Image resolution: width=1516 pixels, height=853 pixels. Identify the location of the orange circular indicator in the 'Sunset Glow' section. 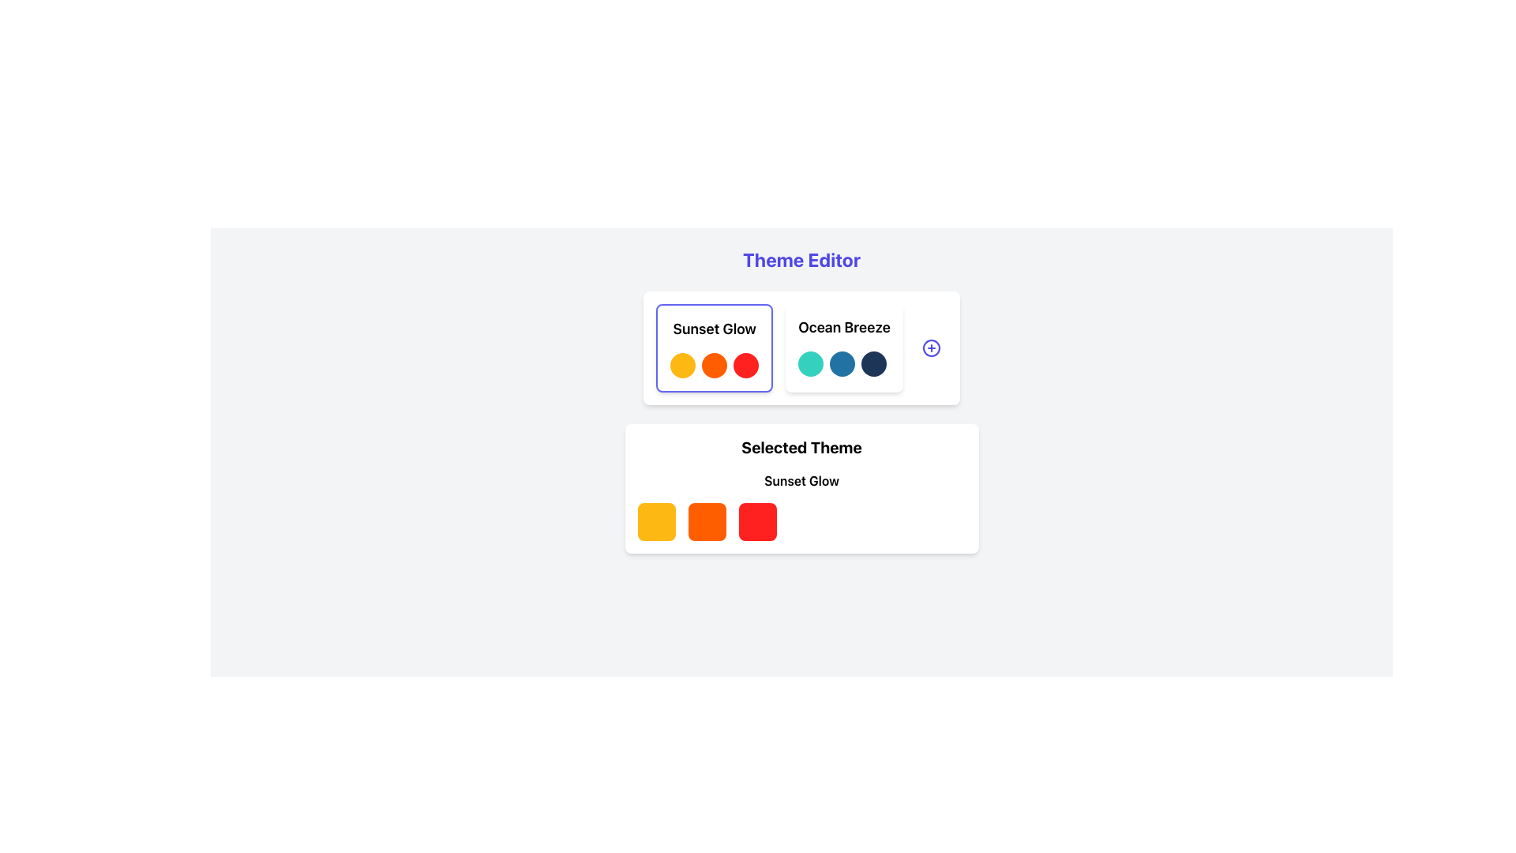
(714, 365).